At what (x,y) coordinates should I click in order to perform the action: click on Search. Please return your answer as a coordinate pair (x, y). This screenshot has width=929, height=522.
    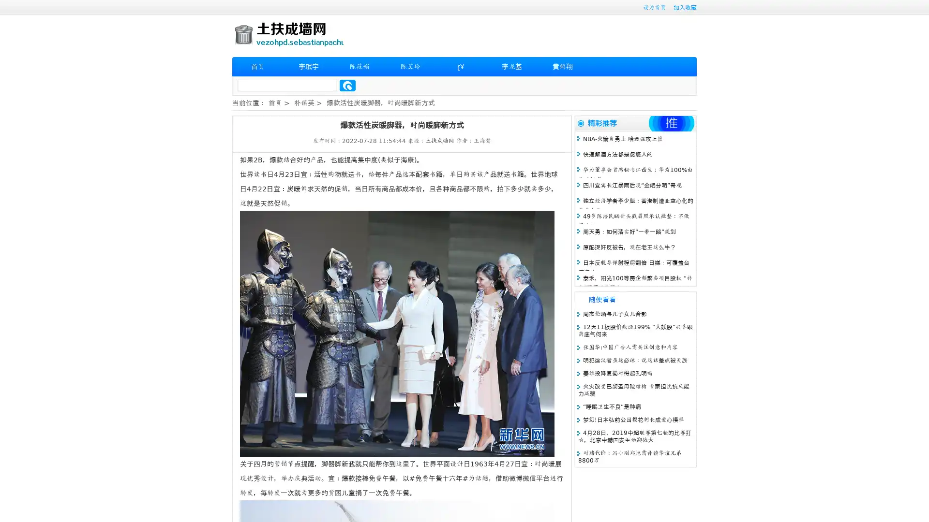
    Looking at the image, I should click on (347, 85).